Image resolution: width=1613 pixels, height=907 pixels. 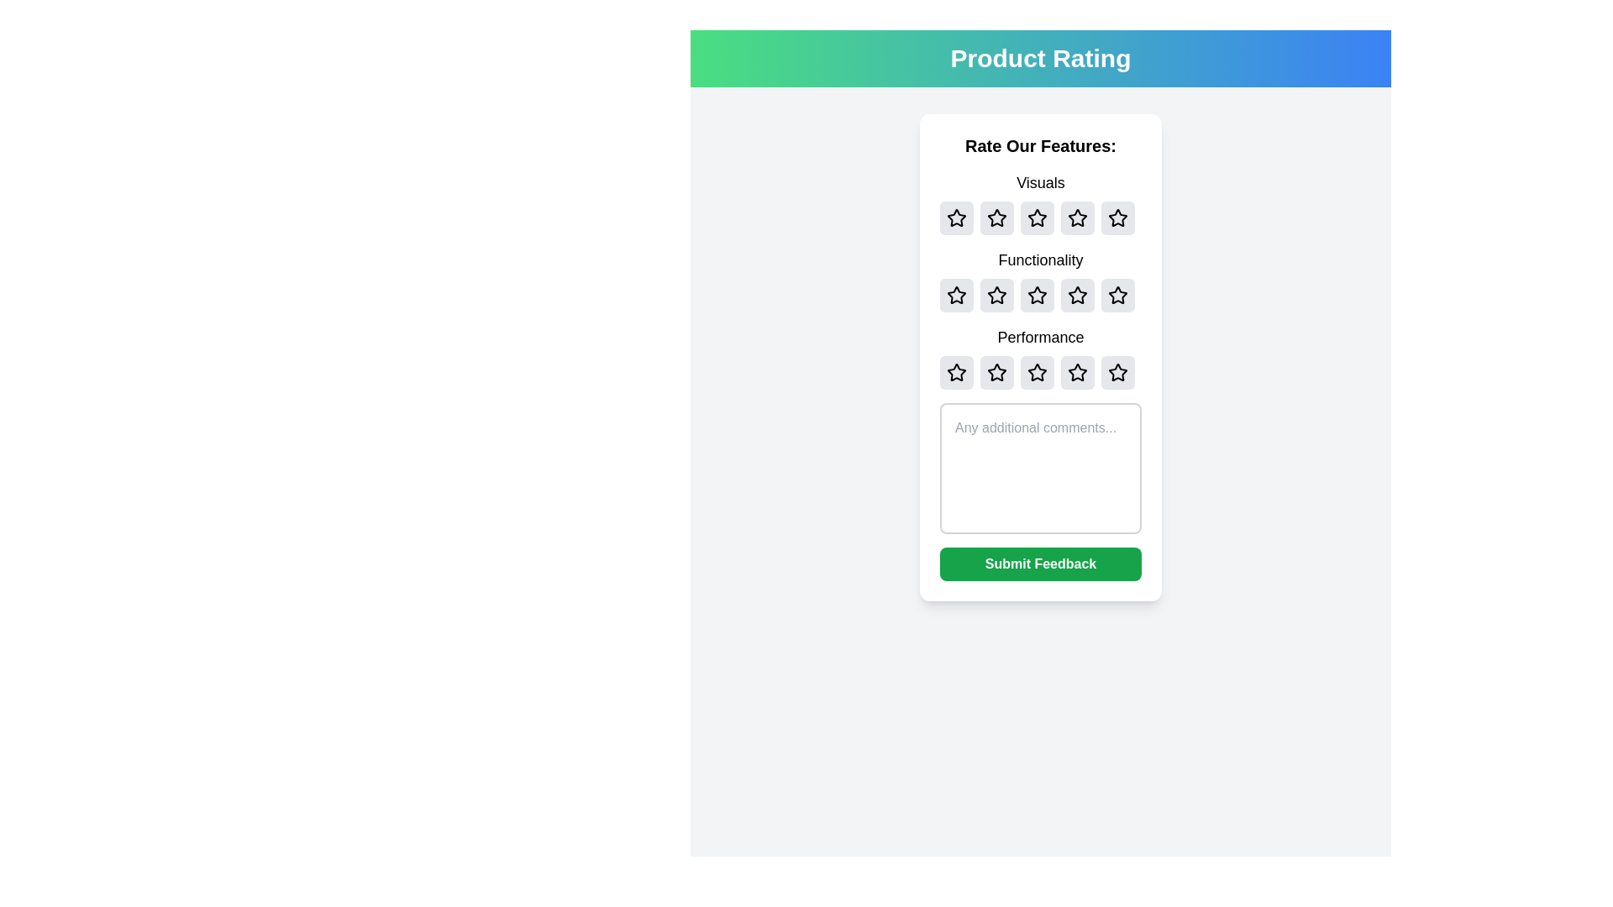 What do you see at coordinates (956, 294) in the screenshot?
I see `the first button in the horizontal row of five buttons in the 'Functionality' rating section to change its background color to yellow` at bounding box center [956, 294].